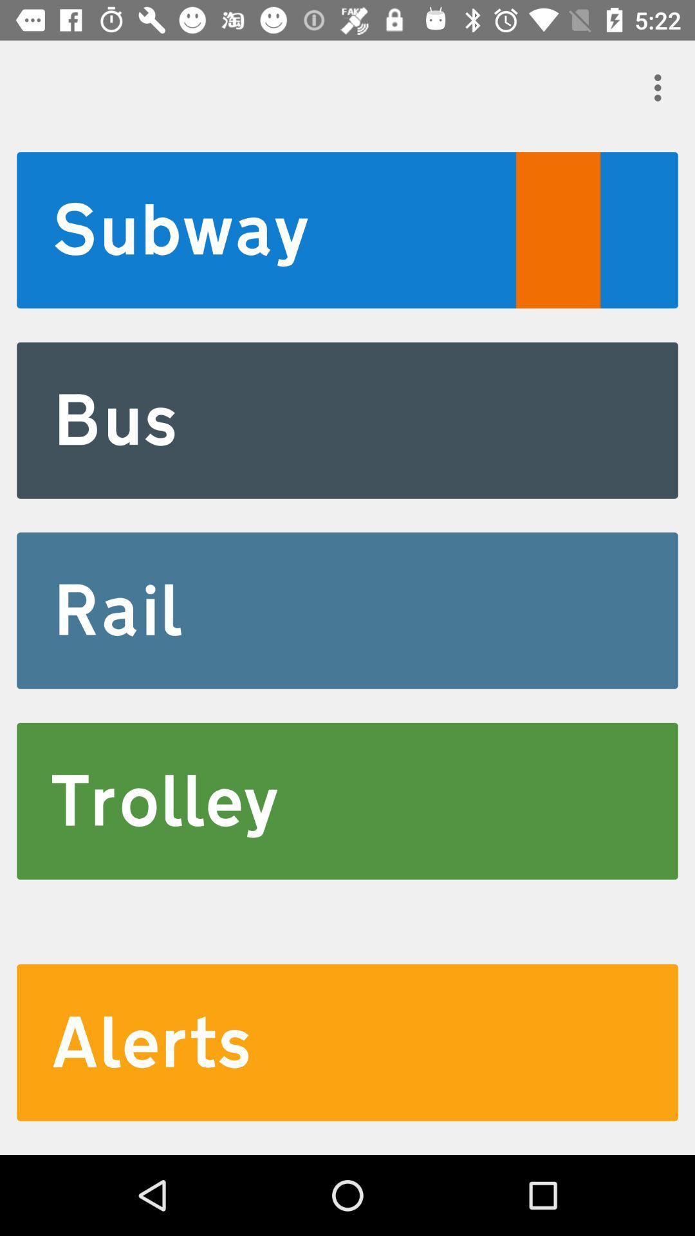 This screenshot has width=695, height=1236. Describe the element at coordinates (347, 1042) in the screenshot. I see `alerts` at that location.